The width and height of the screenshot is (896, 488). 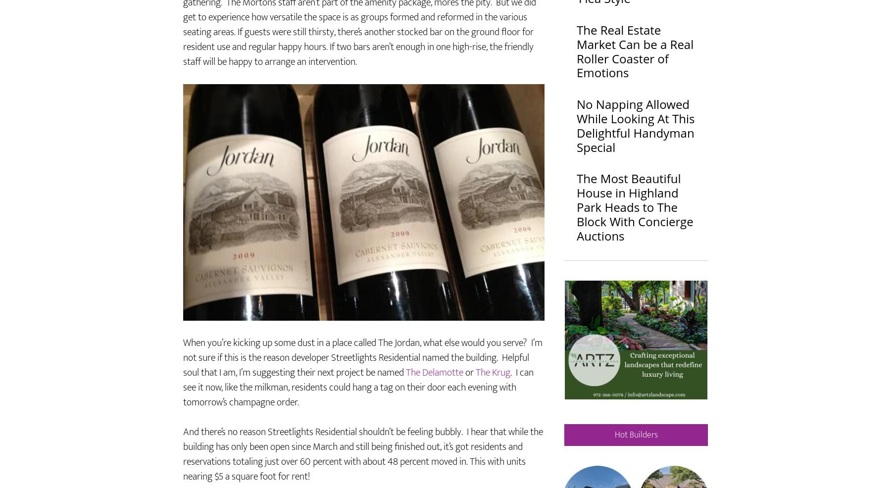 I want to click on 'The Krug', so click(x=493, y=401).